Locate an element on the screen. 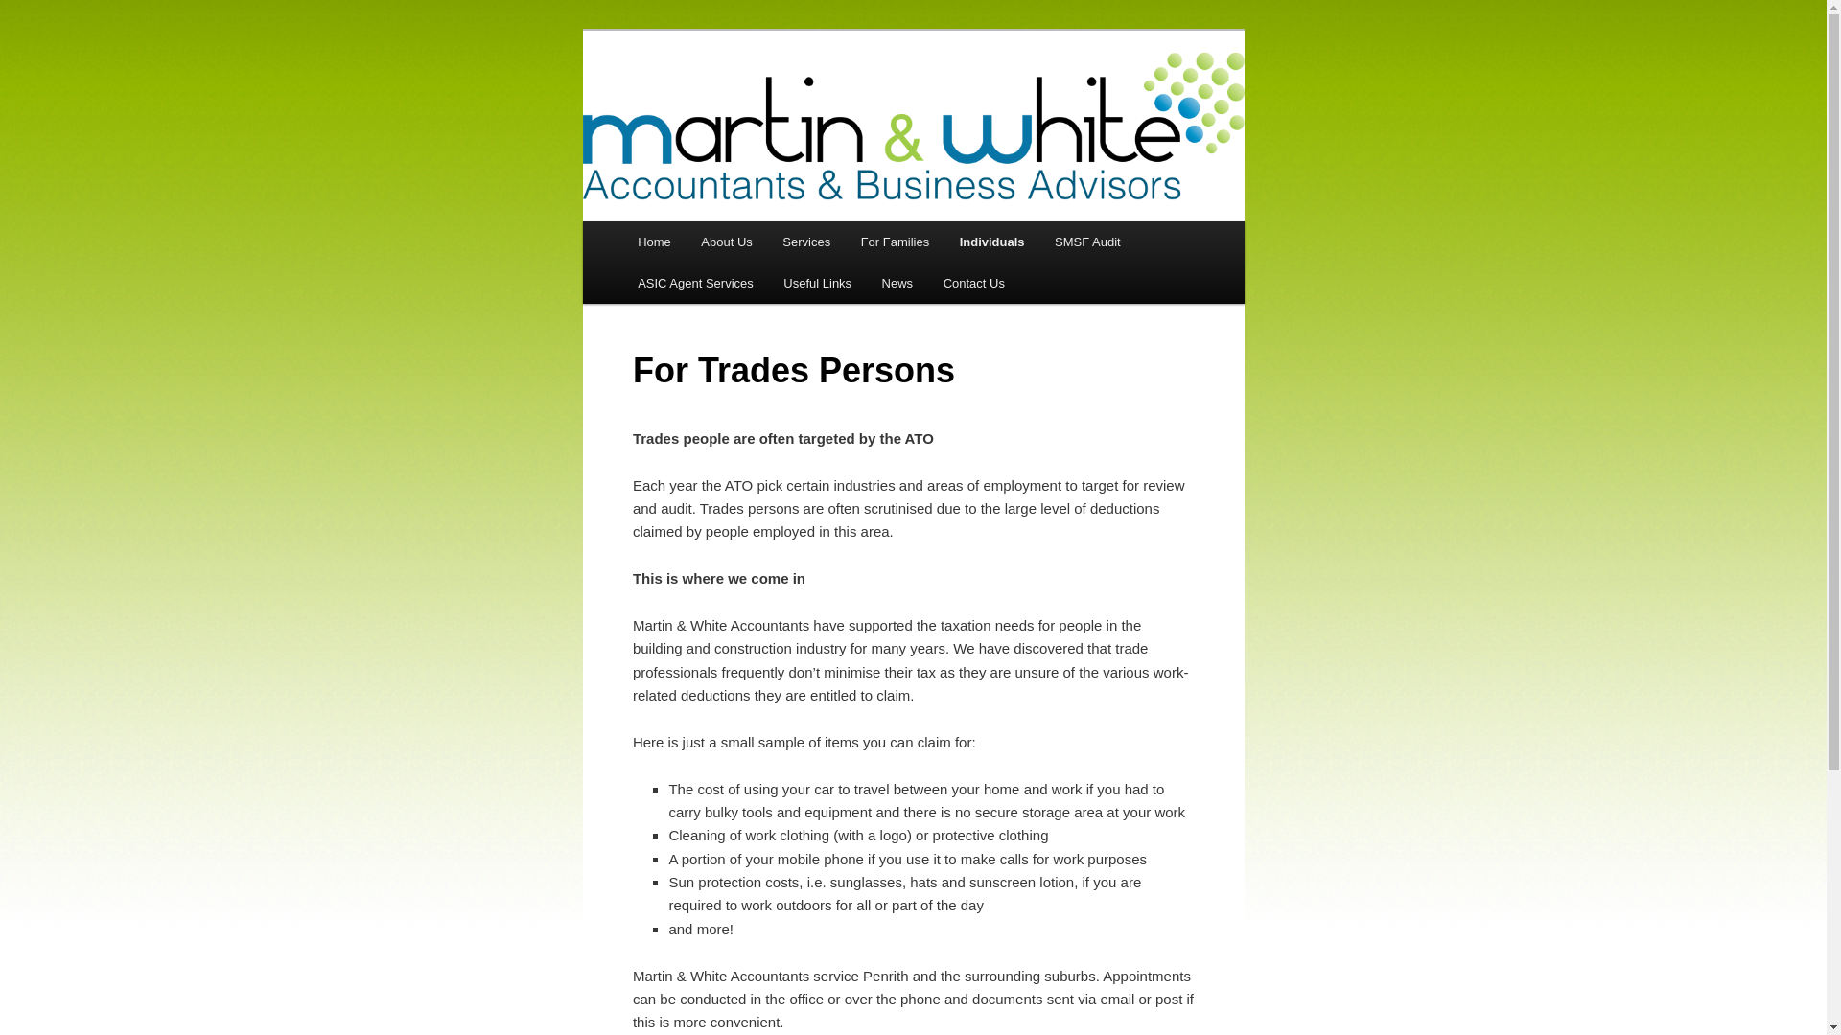 This screenshot has width=1841, height=1035. 'Useful Links' is located at coordinates (818, 283).